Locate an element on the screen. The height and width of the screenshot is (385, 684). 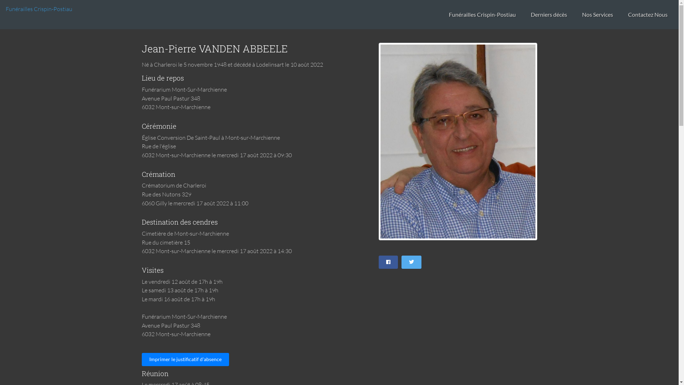
'Imprimer le justificatif d'absence' is located at coordinates (185, 359).